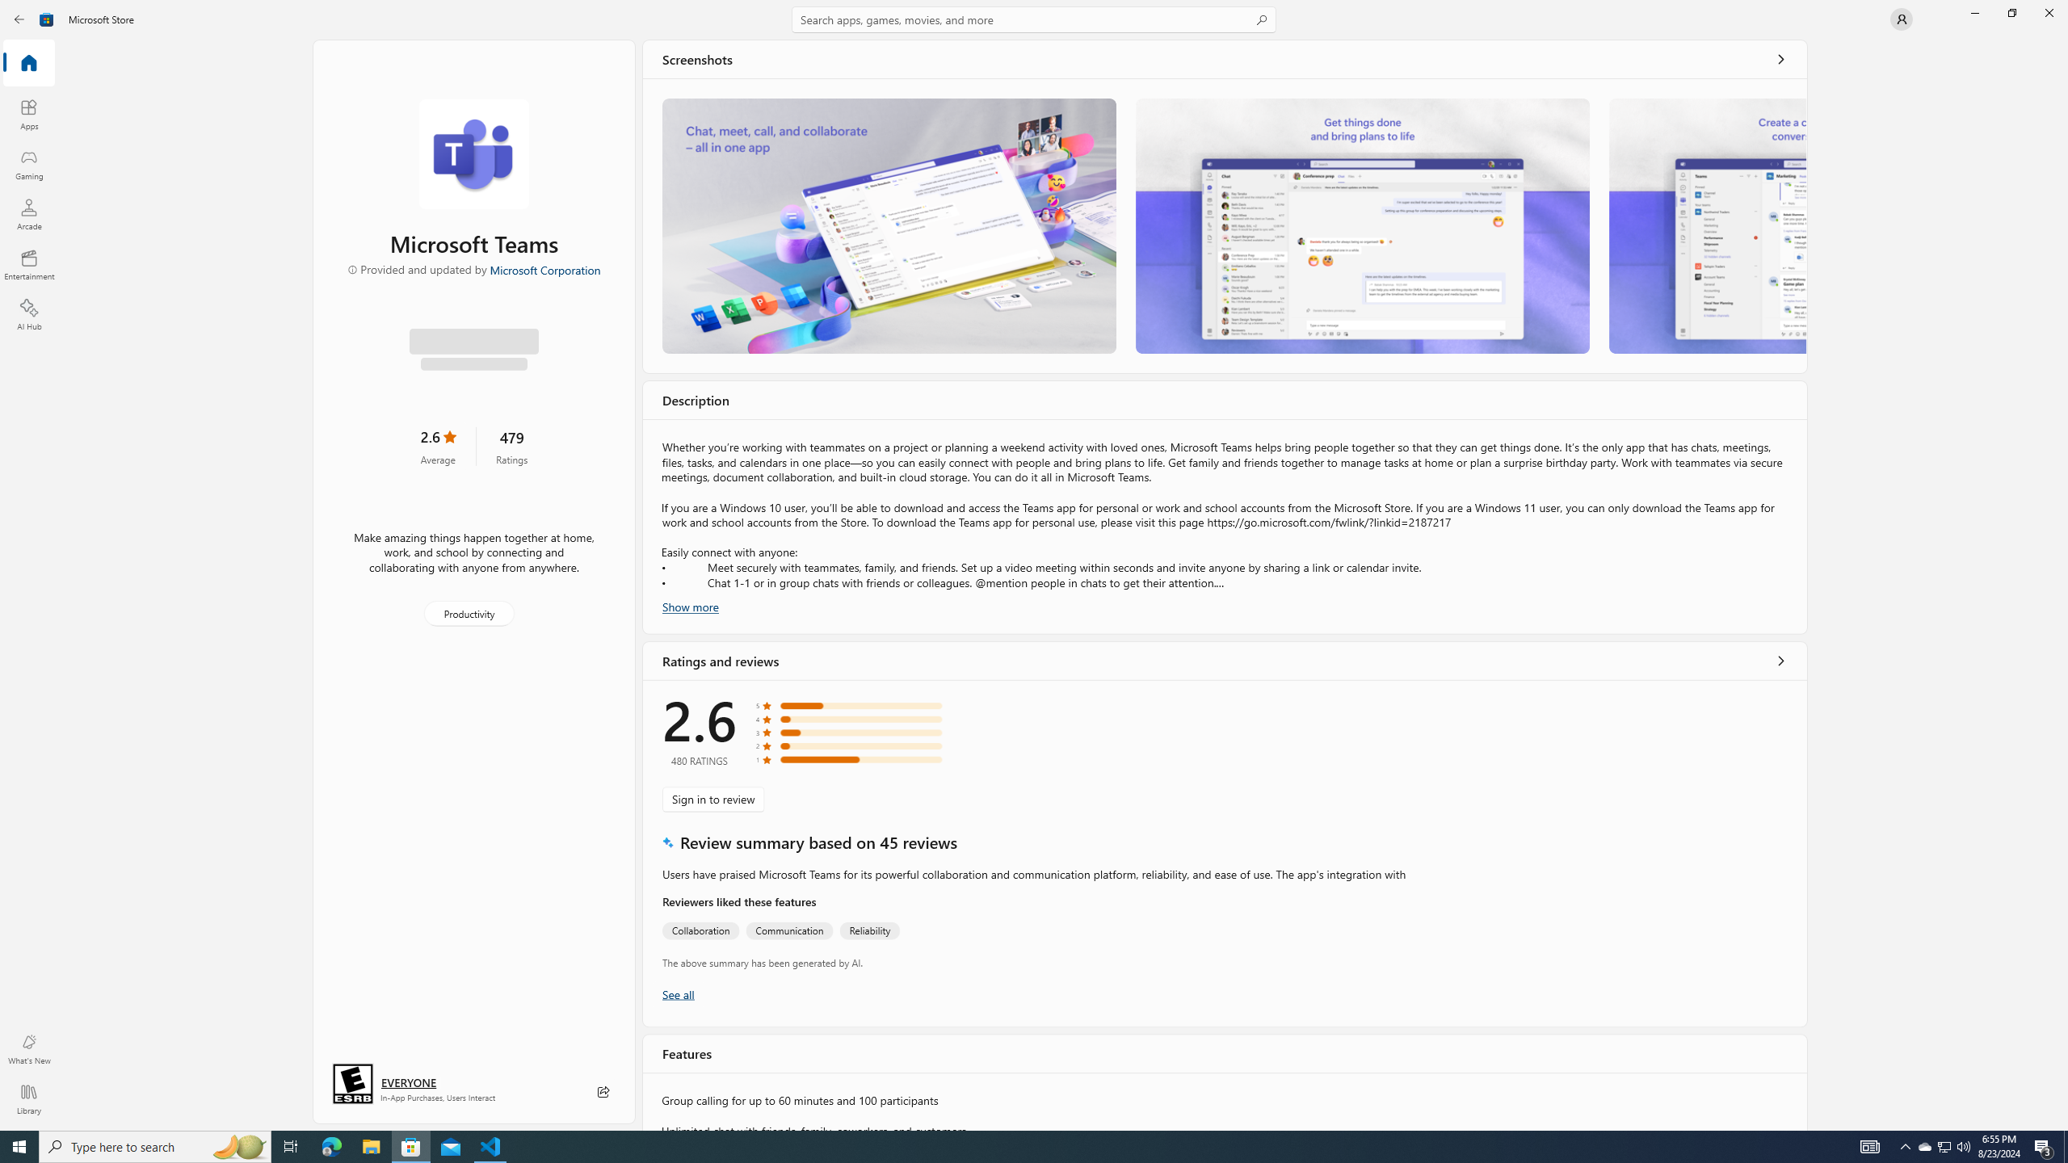 This screenshot has height=1163, width=2068. What do you see at coordinates (27, 114) in the screenshot?
I see `'Apps'` at bounding box center [27, 114].